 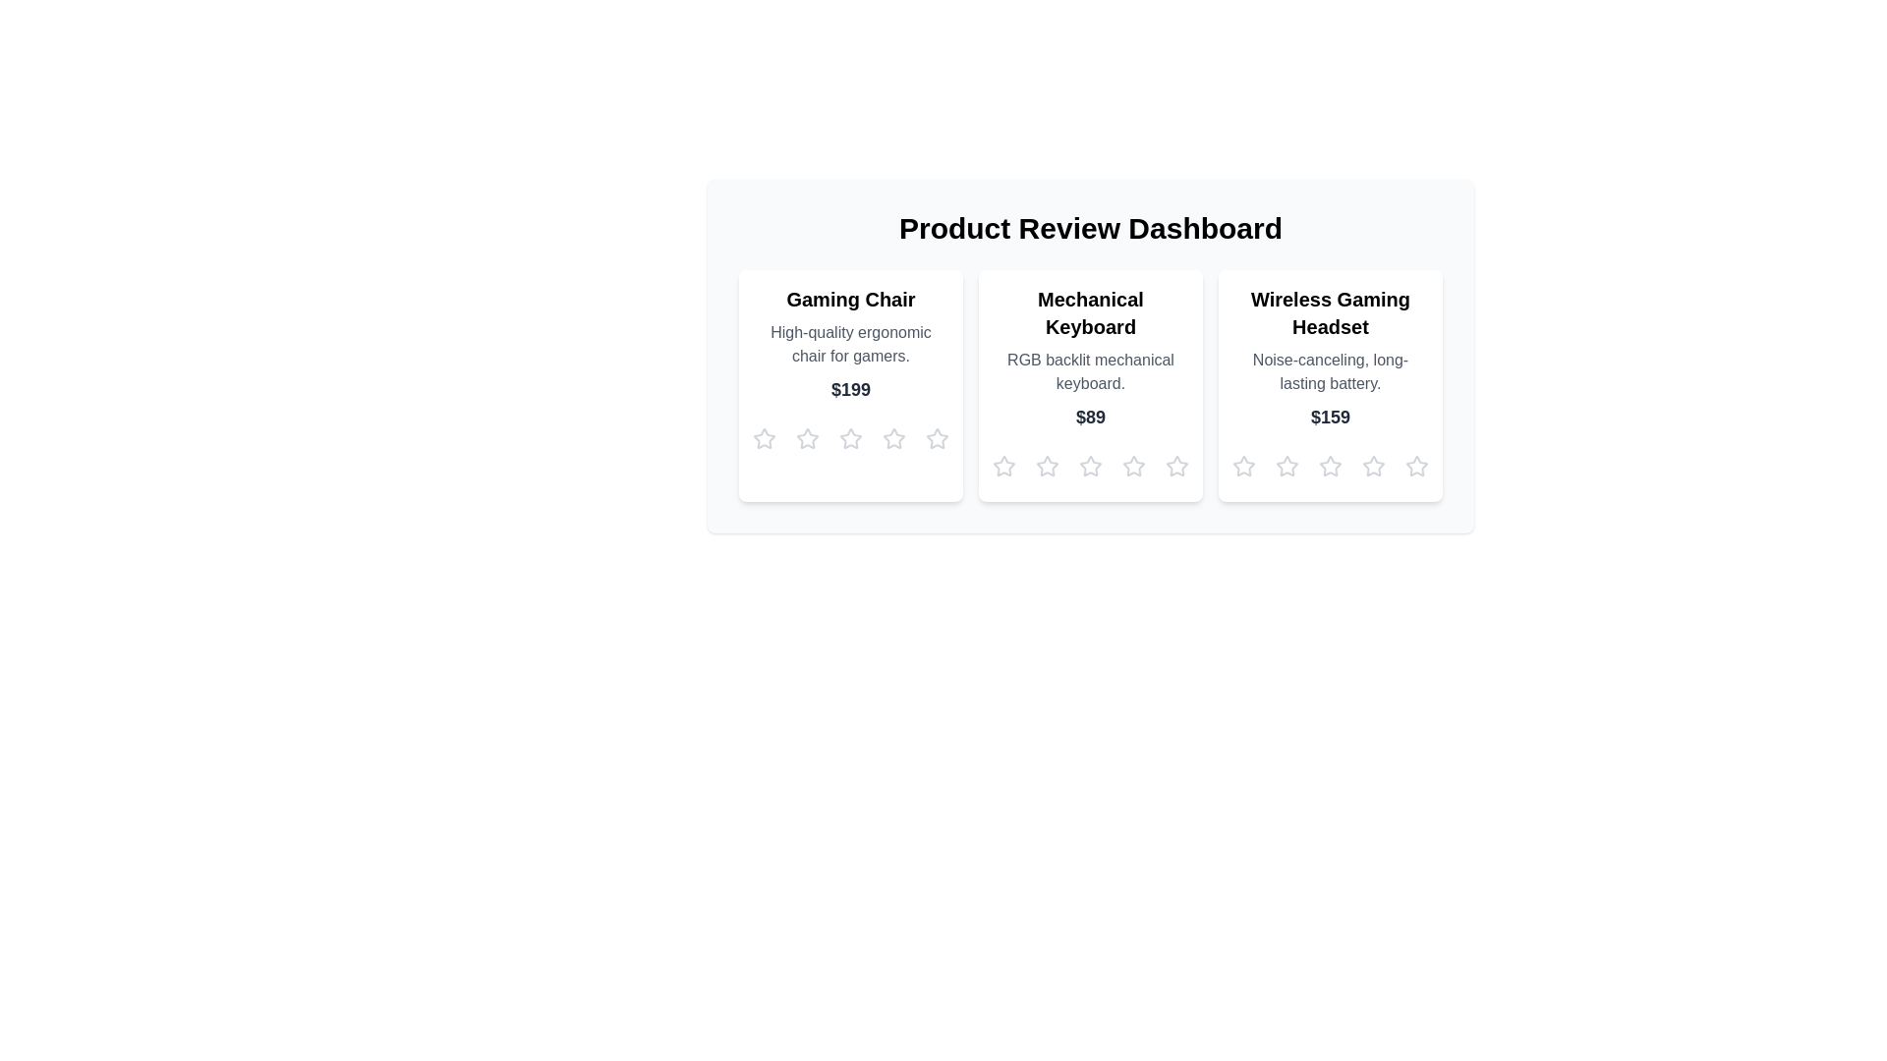 What do you see at coordinates (937, 438) in the screenshot?
I see `the star corresponding to 5 for the product Gaming Chair` at bounding box center [937, 438].